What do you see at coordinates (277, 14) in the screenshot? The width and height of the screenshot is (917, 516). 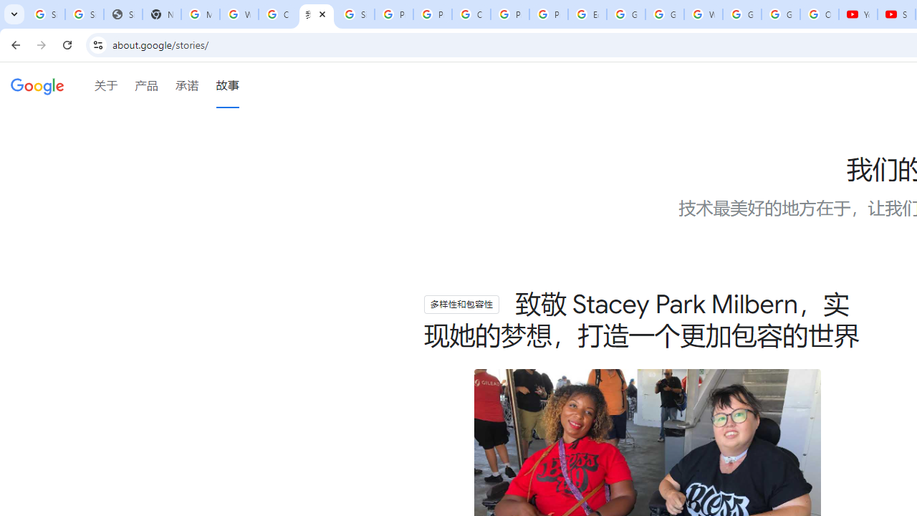 I see `'Create your Google Account'` at bounding box center [277, 14].